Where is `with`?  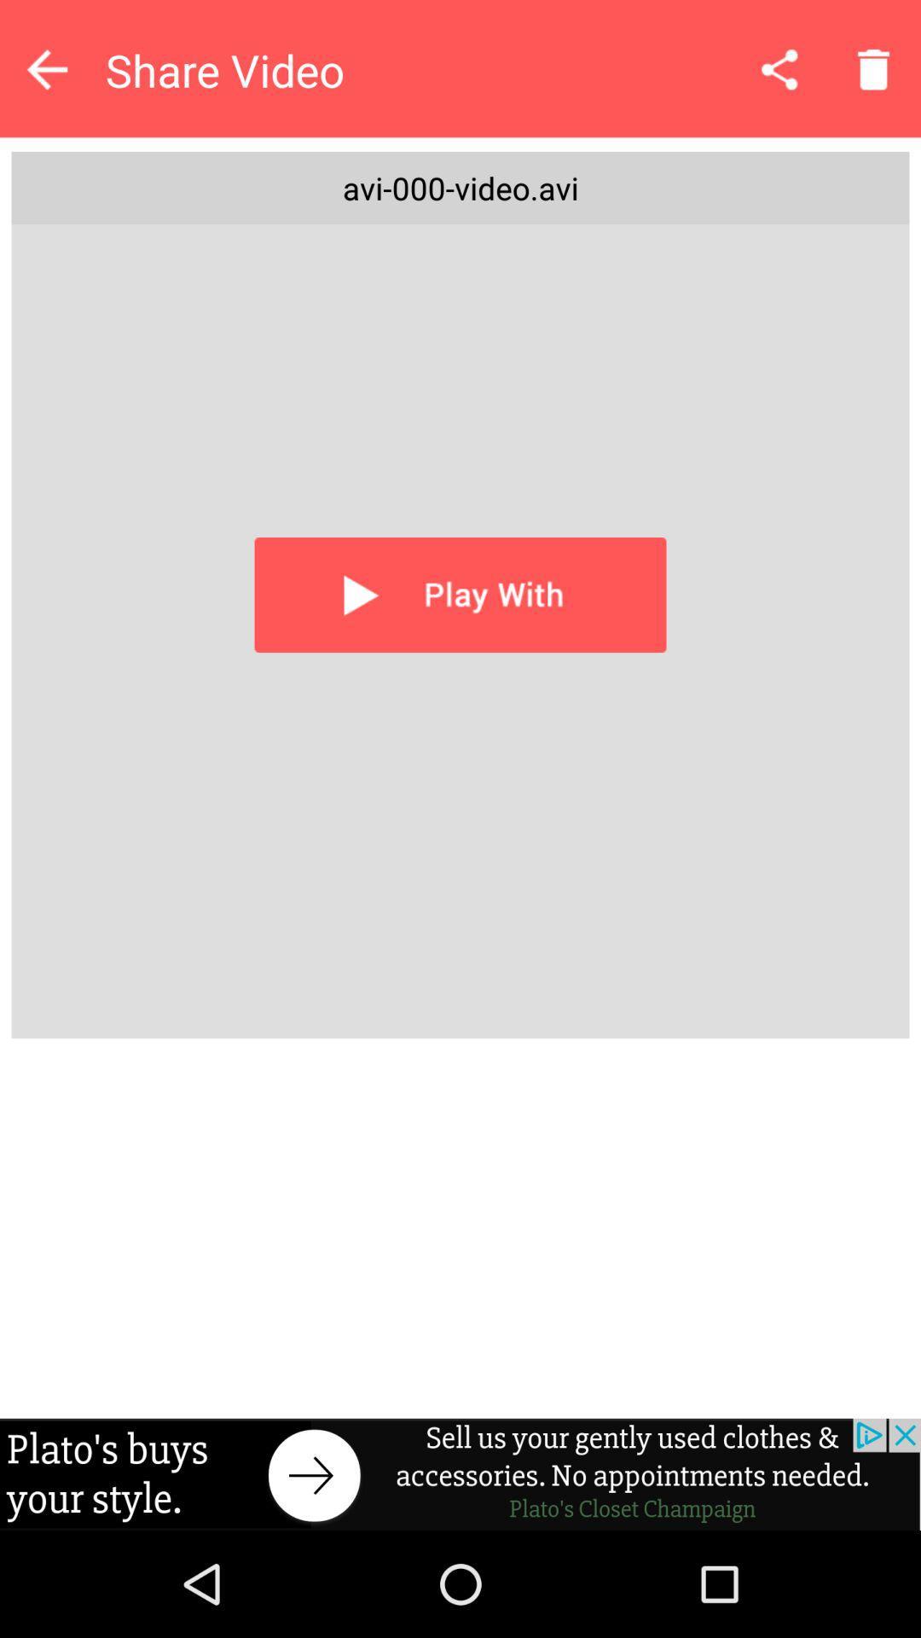
with is located at coordinates (460, 595).